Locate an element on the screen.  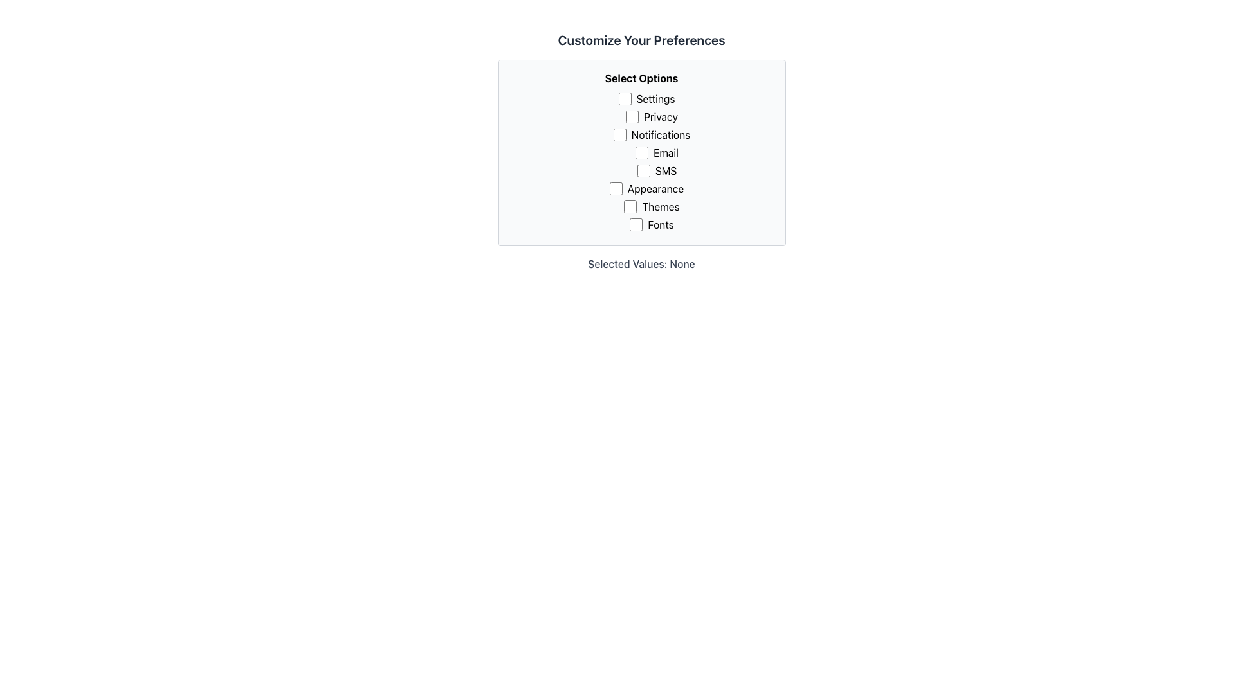
the 'Themes' checkbox located in the 'Appearance' section is located at coordinates (646, 208).